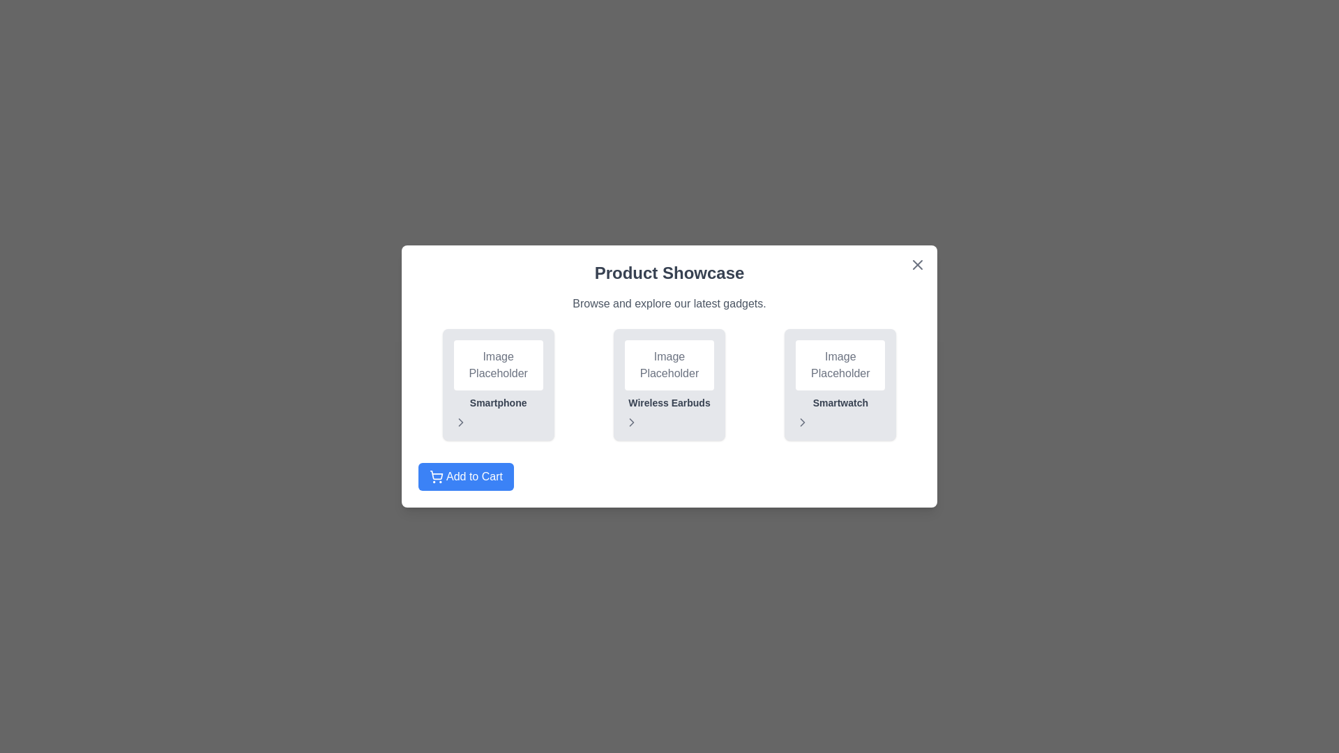 The image size is (1339, 753). What do you see at coordinates (460, 421) in the screenshot?
I see `the right-angled chevron arrow icon pointing to the right, located beneath the 'Smartphone' card in the 'Product Showcase' interface` at bounding box center [460, 421].